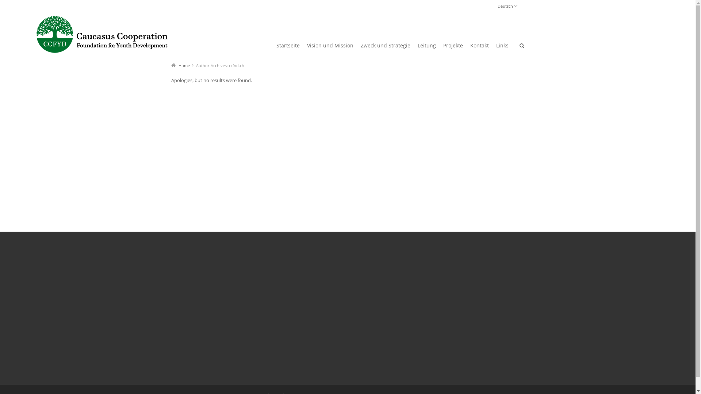 This screenshot has width=701, height=394. Describe the element at coordinates (184, 65) in the screenshot. I see `'Home'` at that location.